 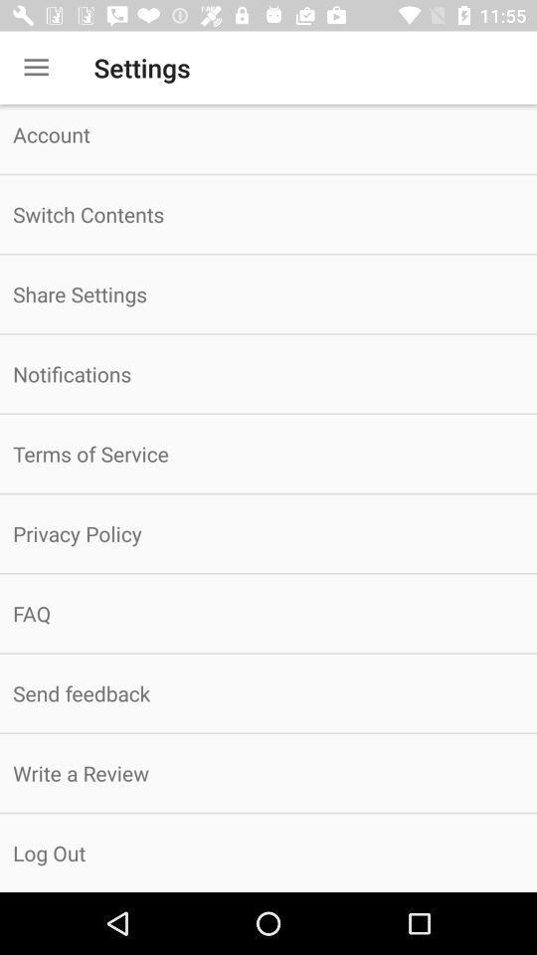 What do you see at coordinates (268, 292) in the screenshot?
I see `item below the switch contents` at bounding box center [268, 292].